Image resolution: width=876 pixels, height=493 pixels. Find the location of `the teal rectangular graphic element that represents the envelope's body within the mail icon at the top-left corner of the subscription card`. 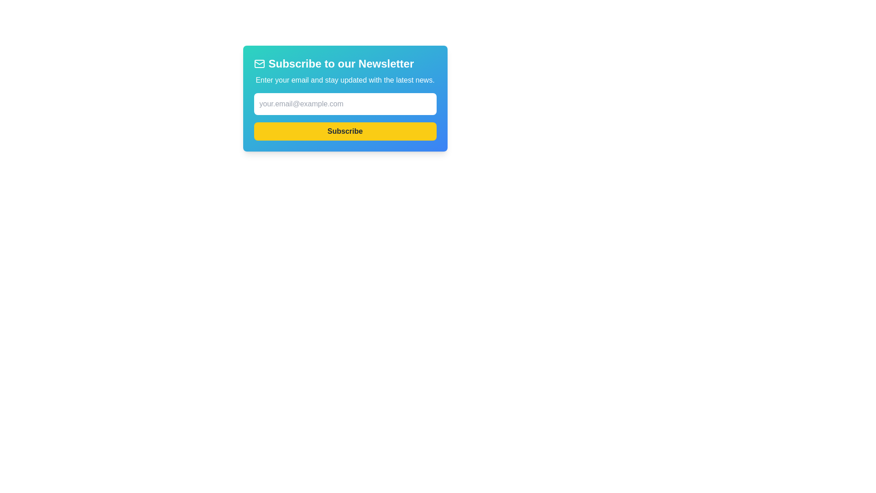

the teal rectangular graphic element that represents the envelope's body within the mail icon at the top-left corner of the subscription card is located at coordinates (259, 63).